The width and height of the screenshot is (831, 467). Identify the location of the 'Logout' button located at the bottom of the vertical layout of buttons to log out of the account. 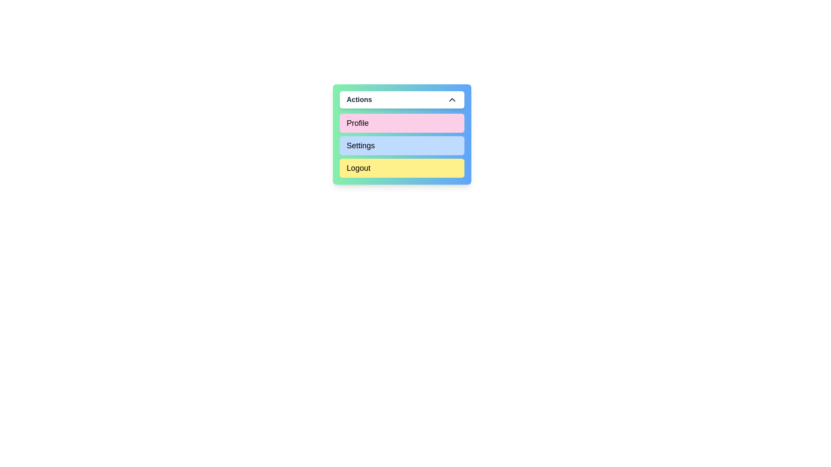
(402, 168).